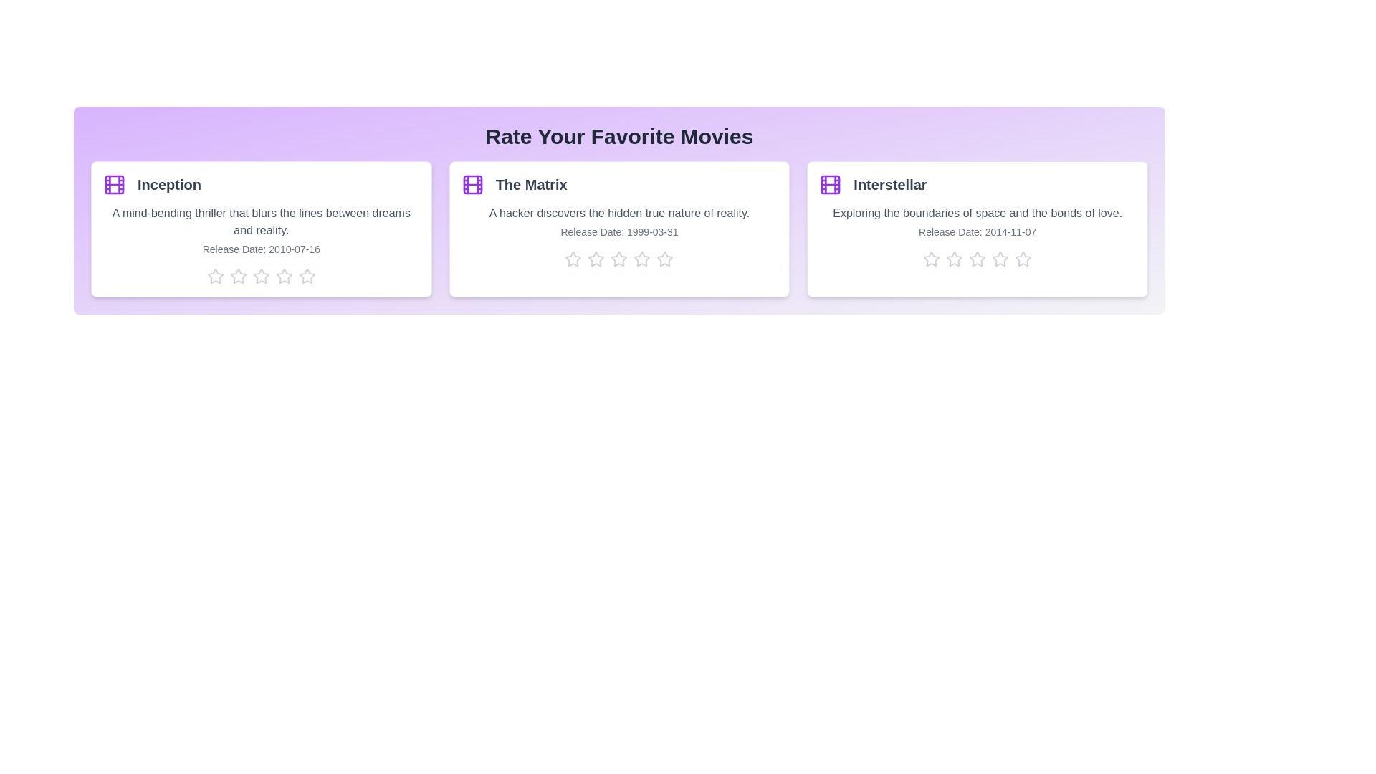  What do you see at coordinates (284, 276) in the screenshot?
I see `the star corresponding to 4 stars for the movie Inception` at bounding box center [284, 276].